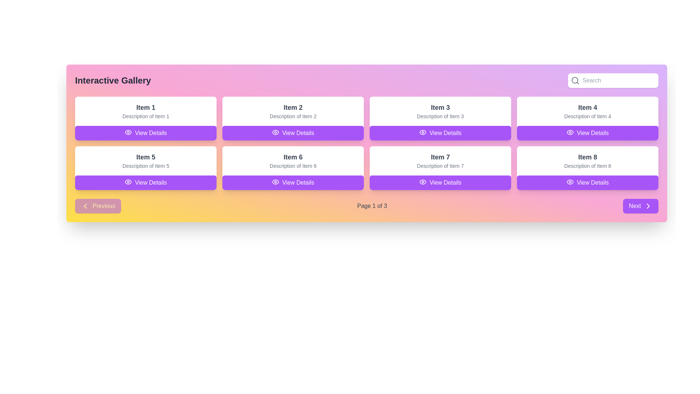 The height and width of the screenshot is (394, 700). What do you see at coordinates (575, 80) in the screenshot?
I see `the search icon located at the upper right corner of the interface within the search bar component` at bounding box center [575, 80].